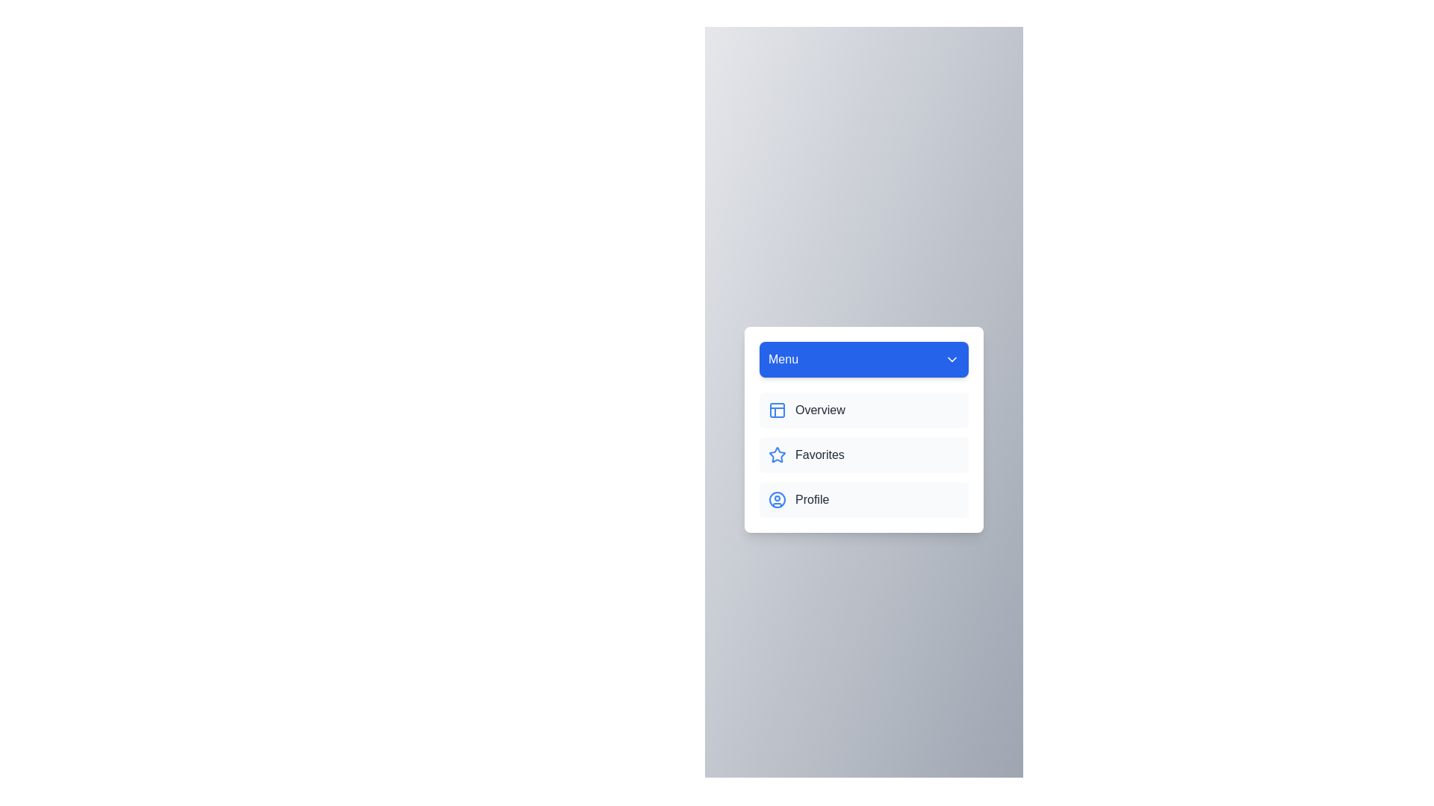  Describe the element at coordinates (863, 410) in the screenshot. I see `the Overview from the menu` at that location.